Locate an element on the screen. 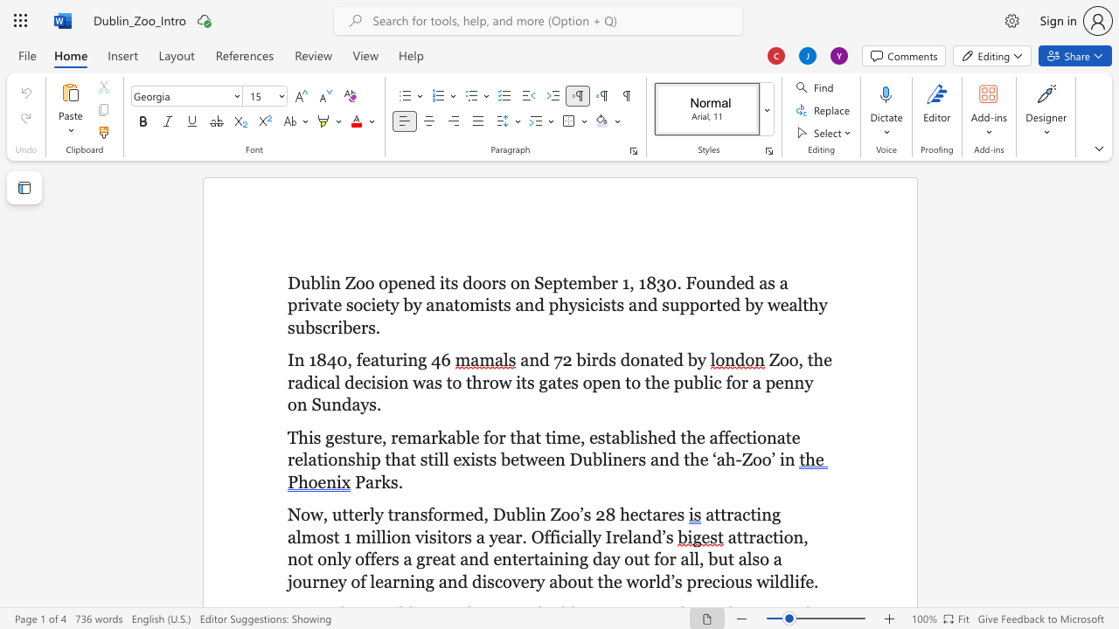 The width and height of the screenshot is (1119, 629). the 4th character "d" in the text is located at coordinates (749, 282).